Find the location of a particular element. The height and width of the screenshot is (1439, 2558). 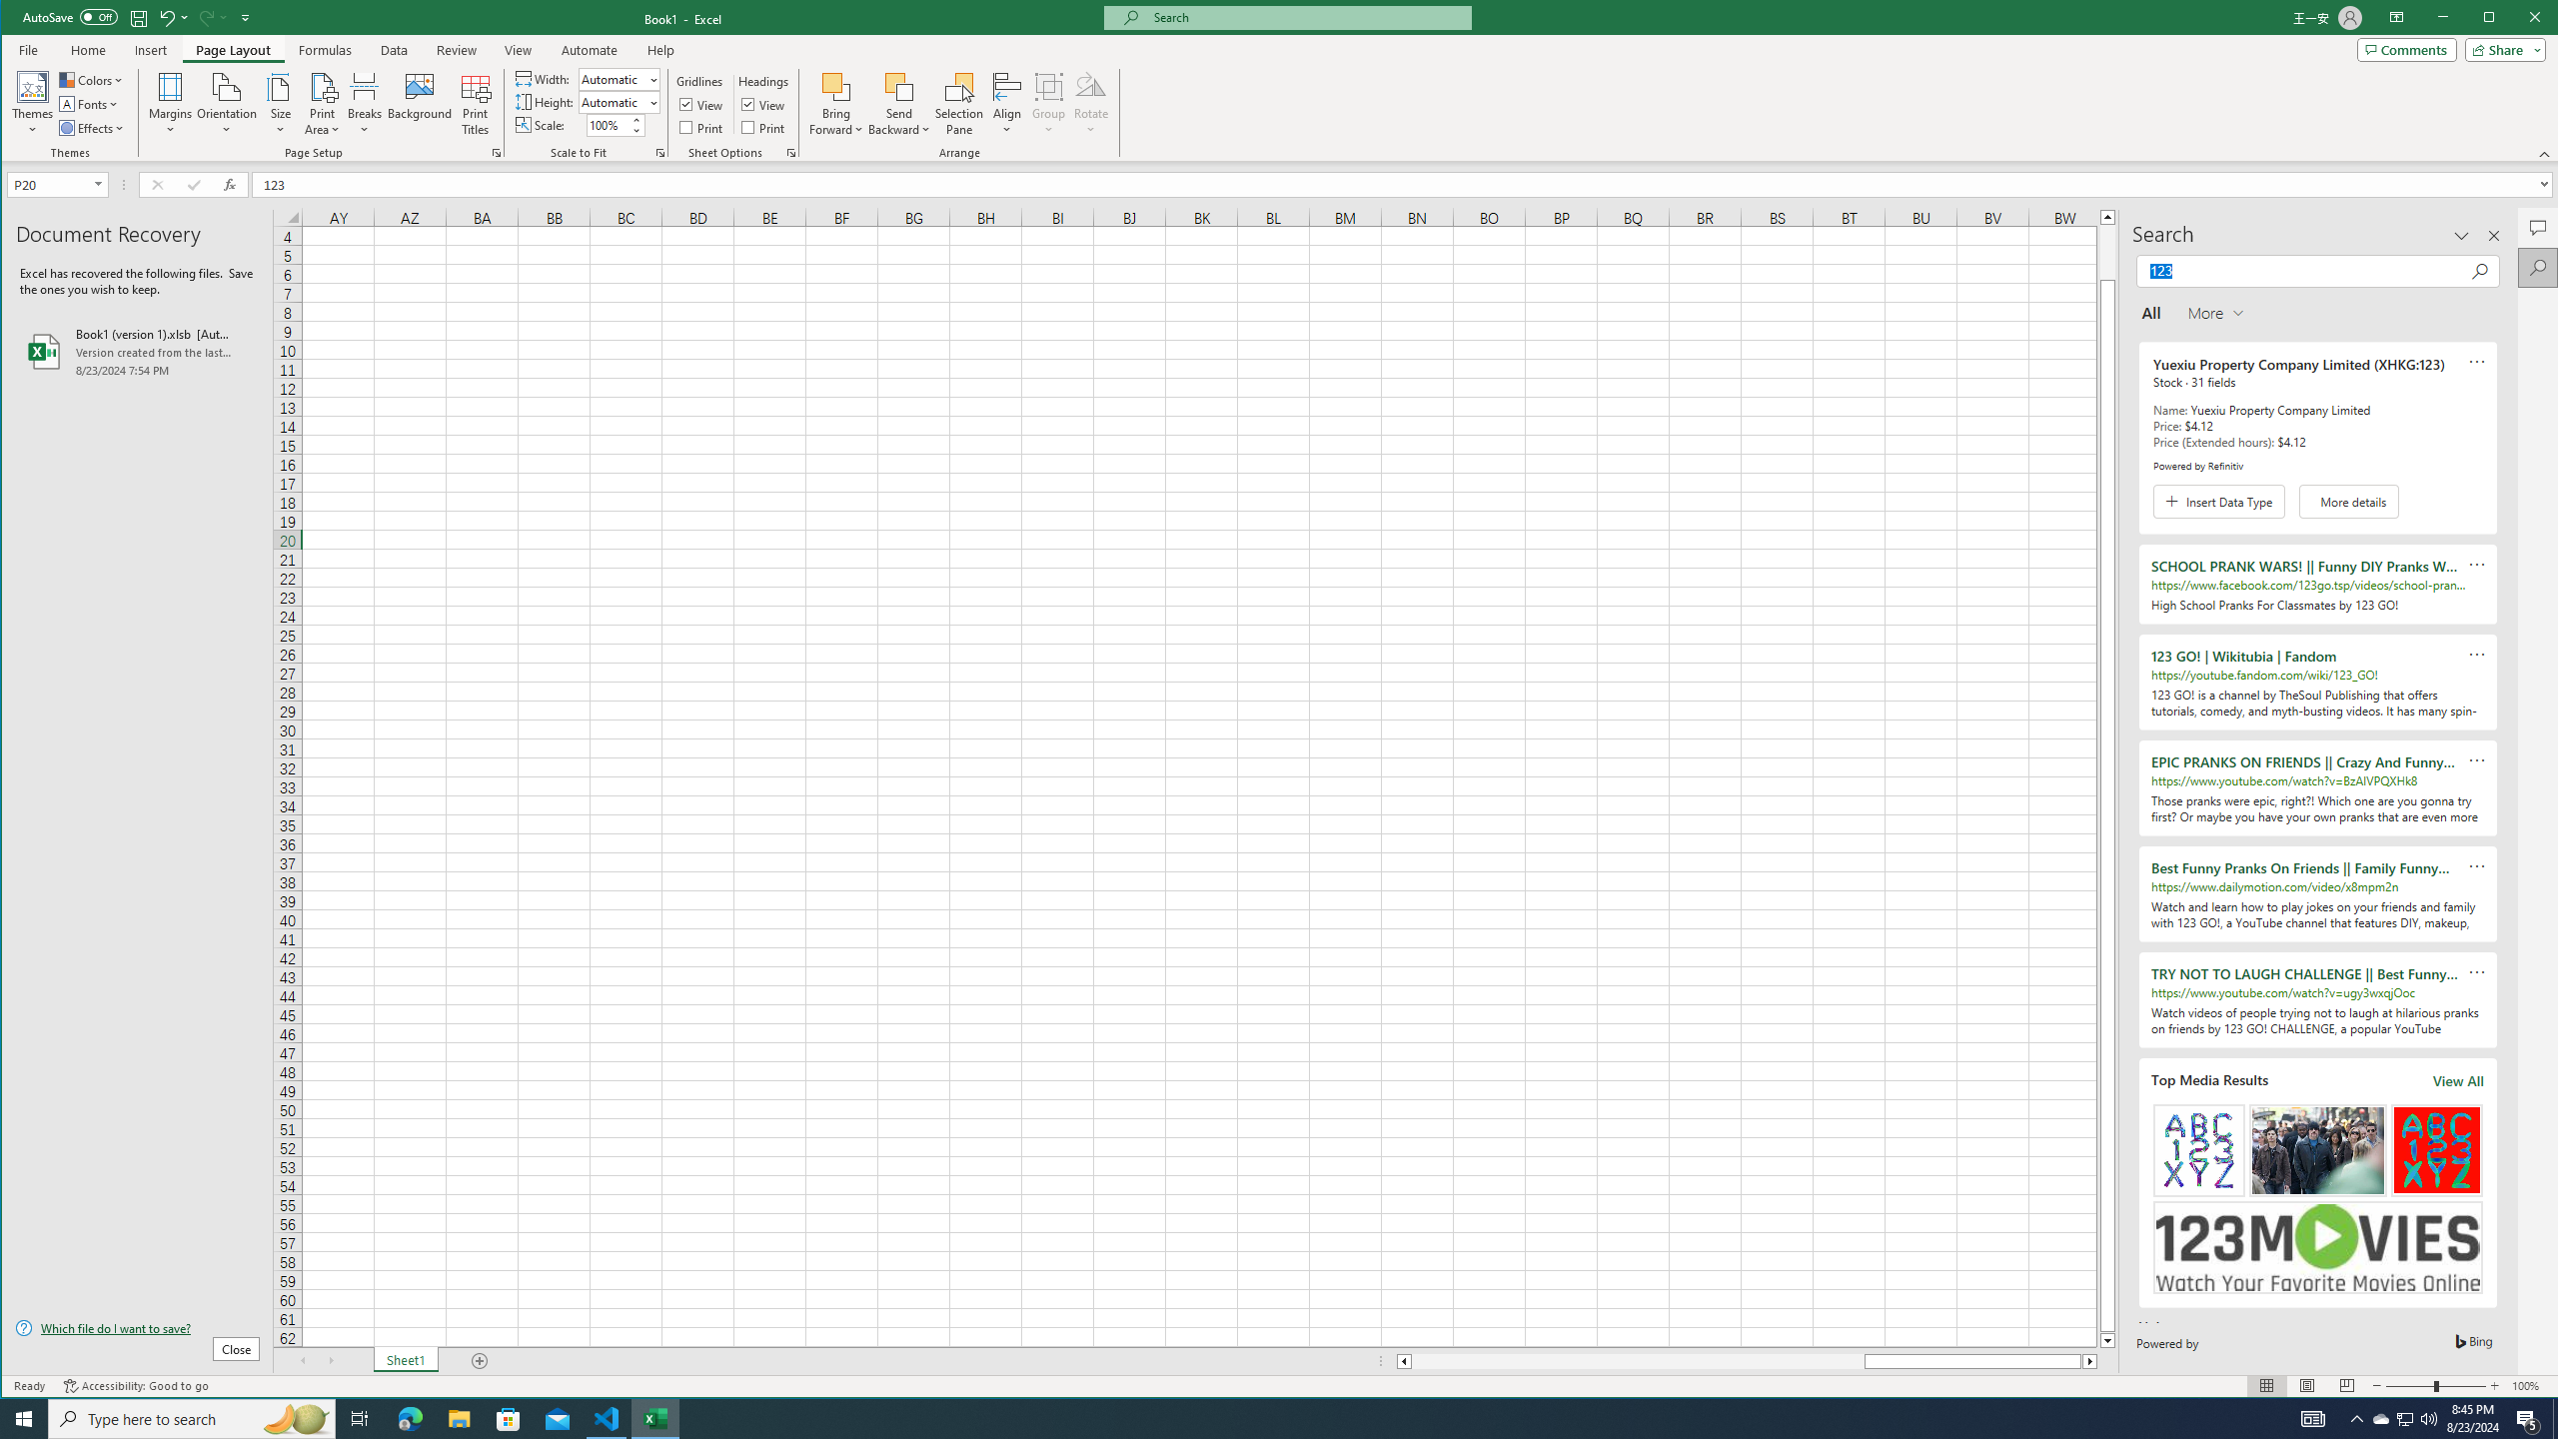

'Width' is located at coordinates (619, 78).